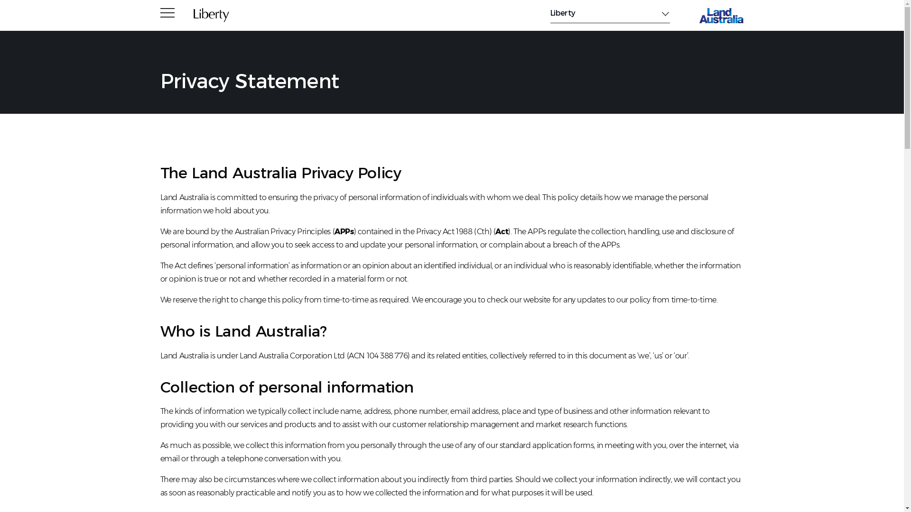  I want to click on 'Liberty', so click(610, 13).